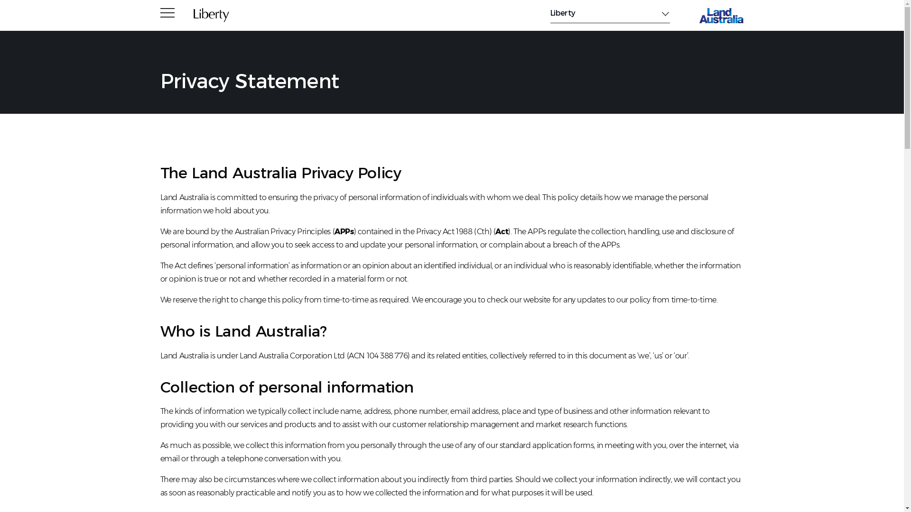  I want to click on 'Liberty', so click(610, 13).